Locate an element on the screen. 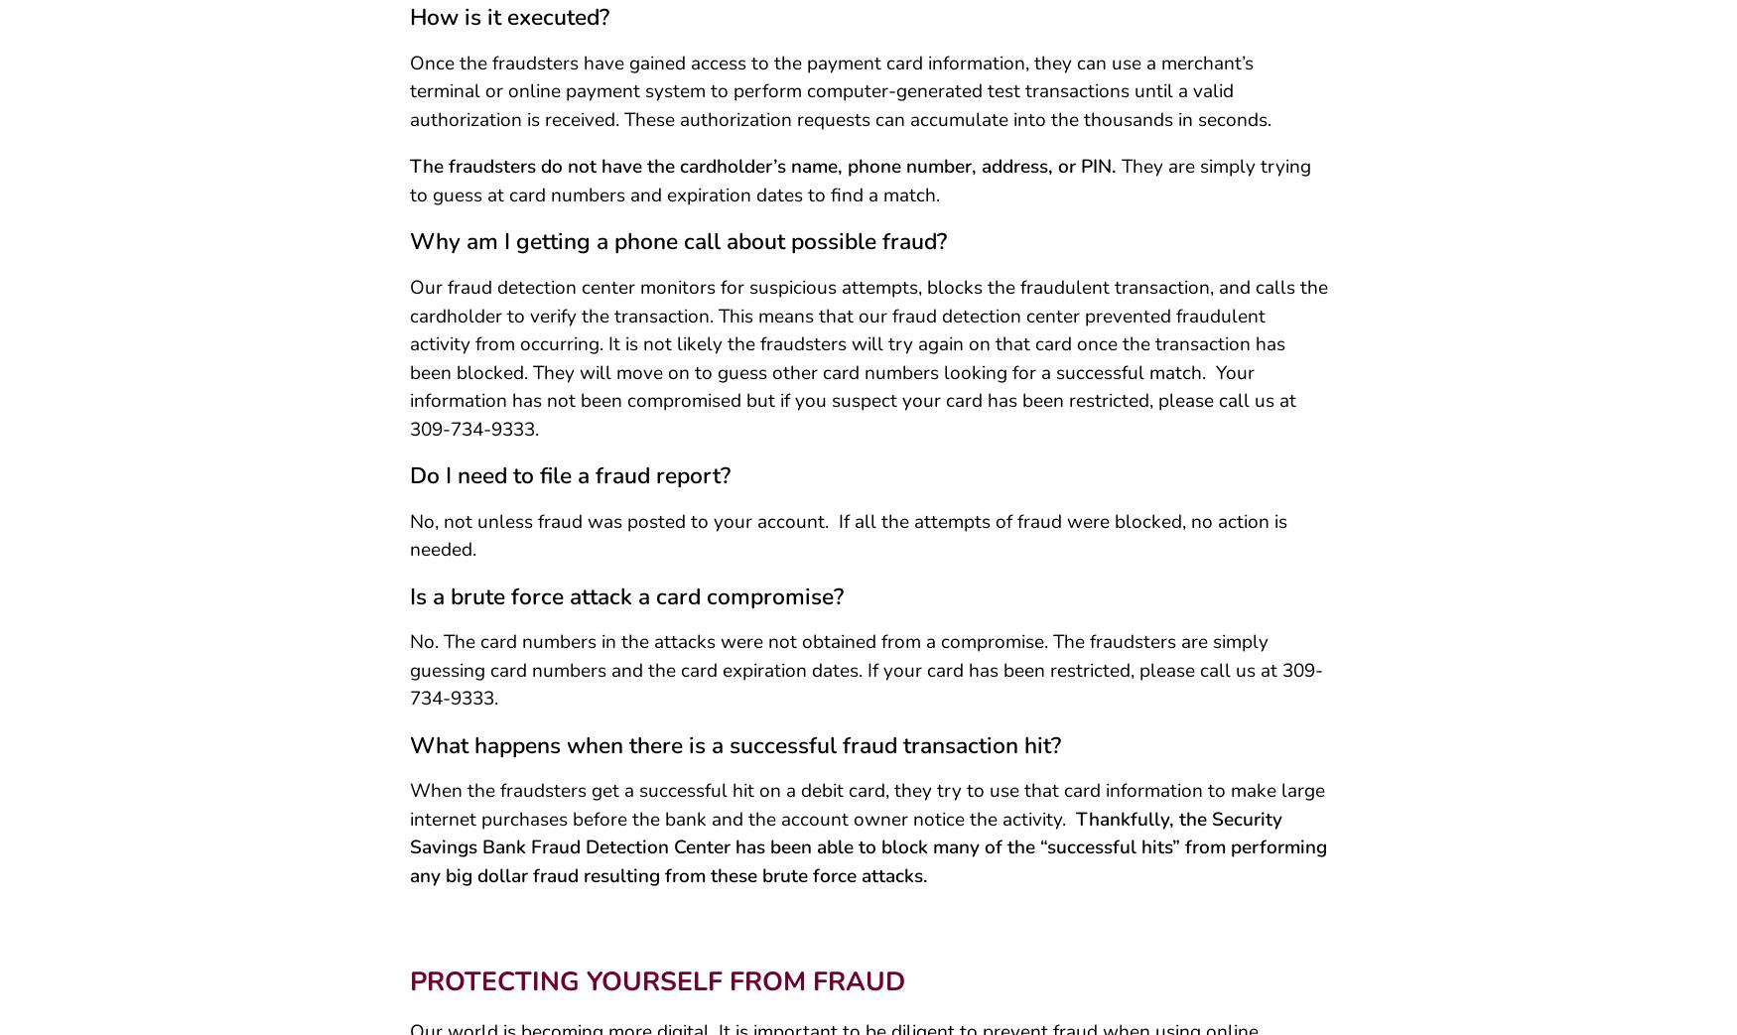 Image resolution: width=1737 pixels, height=1035 pixels. 'Once the fraudsters have gained access to the payment card information, they can use a merchant’s terminal or online payment system to perform computer-generated test transactions until a valid authorization is received. These authorization requests can accumulate into the thousands in seconds.' is located at coordinates (839, 98).